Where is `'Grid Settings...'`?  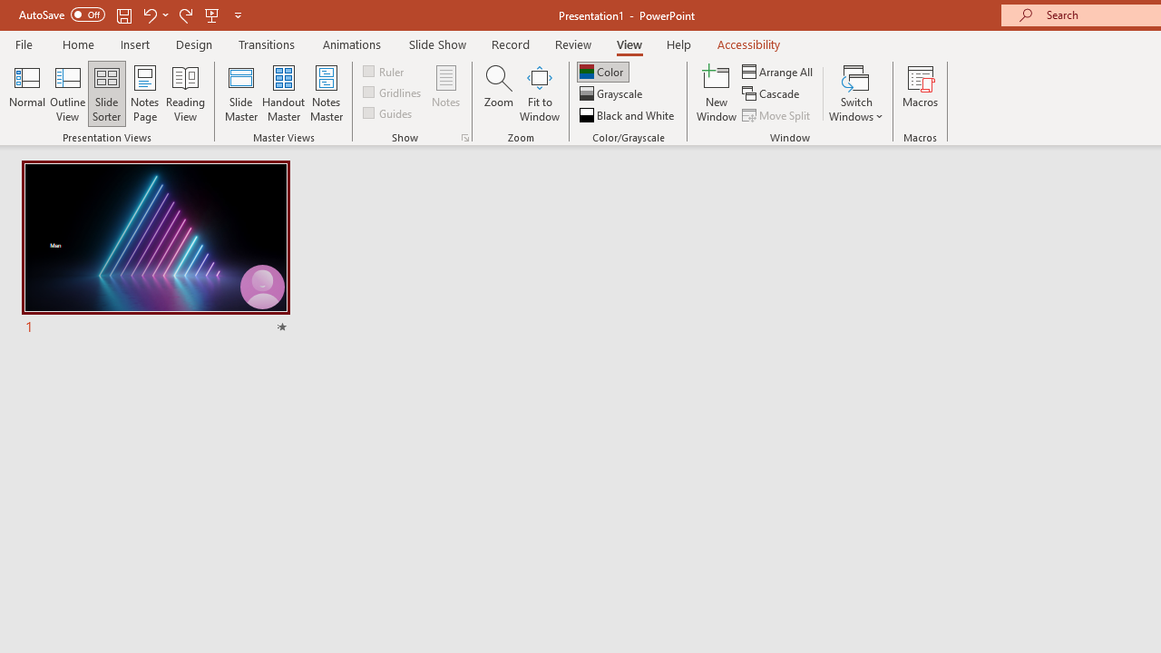 'Grid Settings...' is located at coordinates (465, 136).